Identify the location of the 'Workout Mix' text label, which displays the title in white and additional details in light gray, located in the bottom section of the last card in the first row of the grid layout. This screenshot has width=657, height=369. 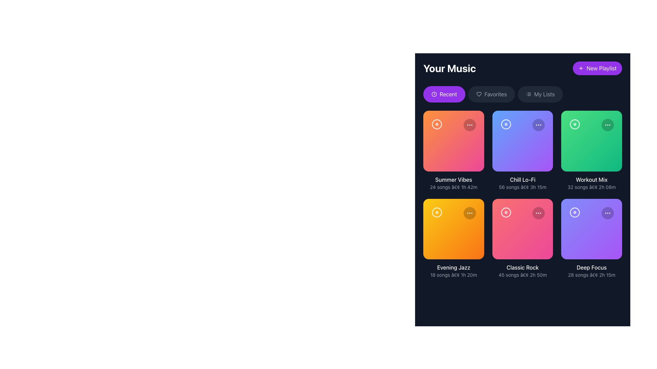
(591, 182).